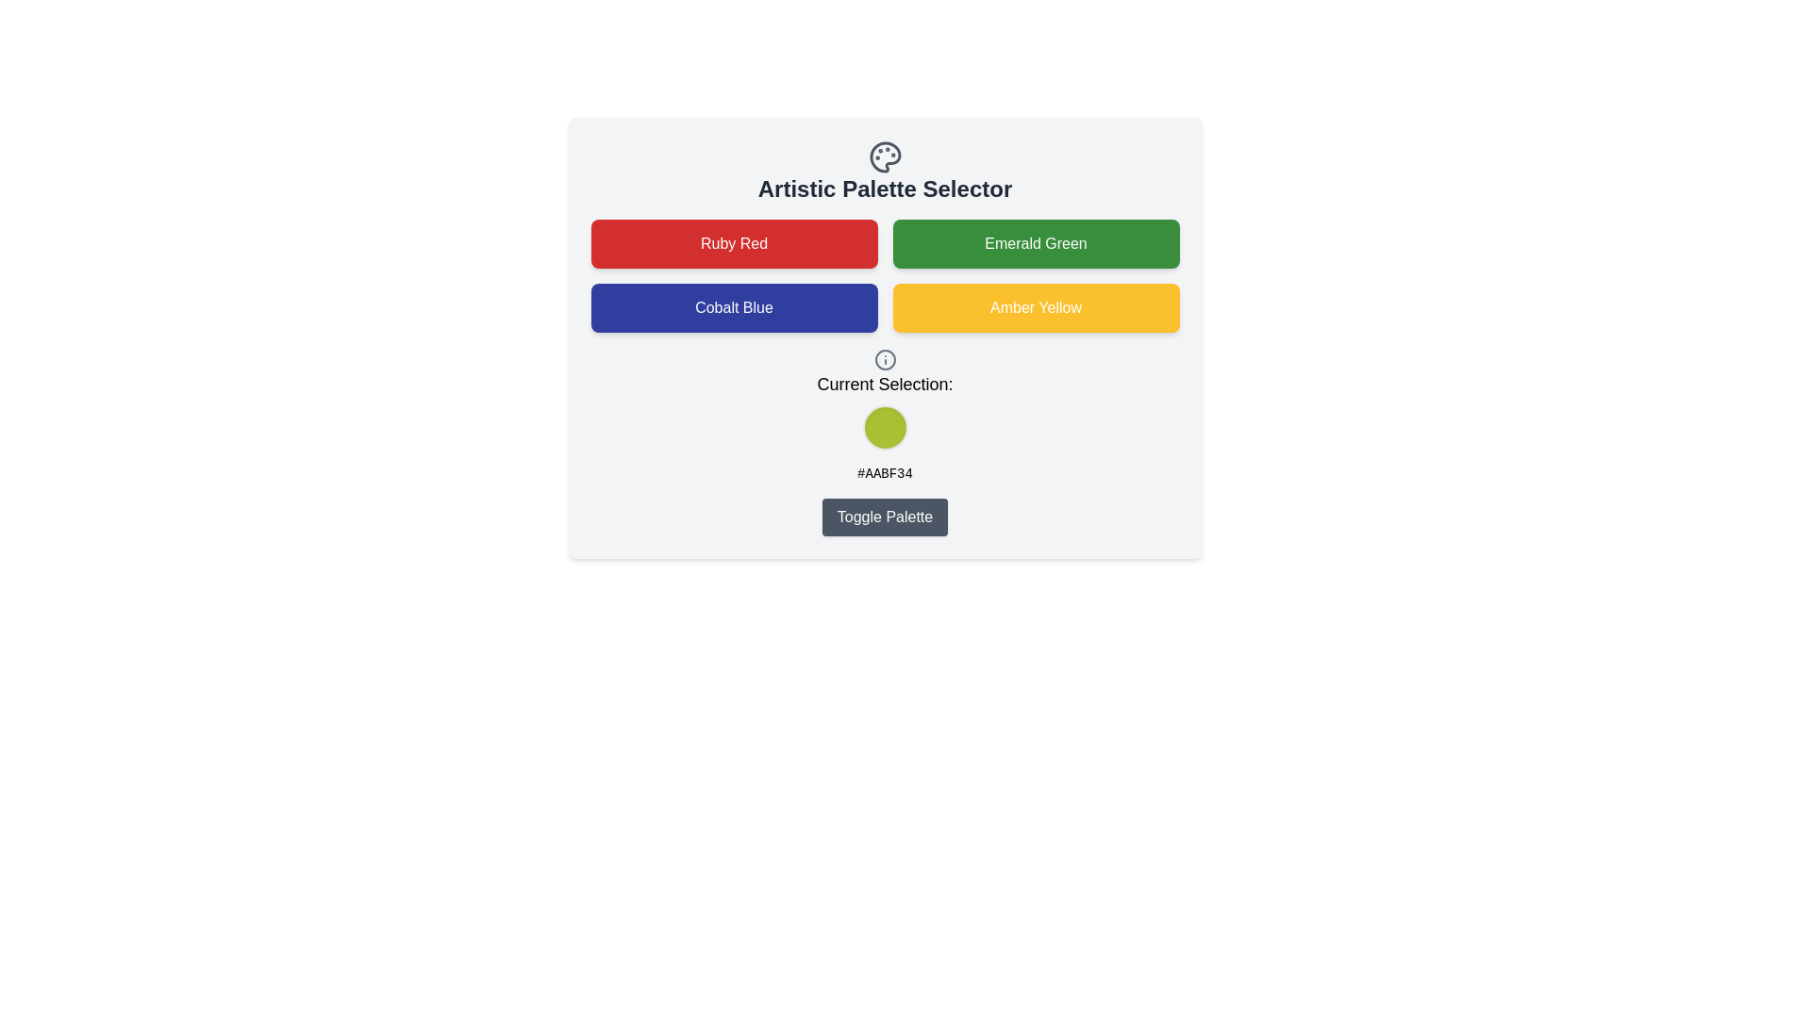  What do you see at coordinates (884, 156) in the screenshot?
I see `the artistic palette icon located centrally above the 'Artistic Palette Selector' text in the selection interface` at bounding box center [884, 156].